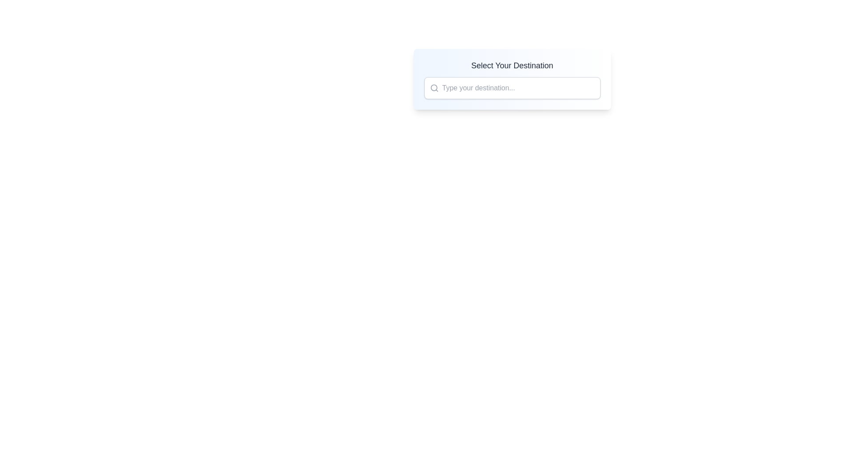  Describe the element at coordinates (434, 88) in the screenshot. I see `the circular search icon, which is styled in gray and located to the left of the text input field in the search bar` at that location.